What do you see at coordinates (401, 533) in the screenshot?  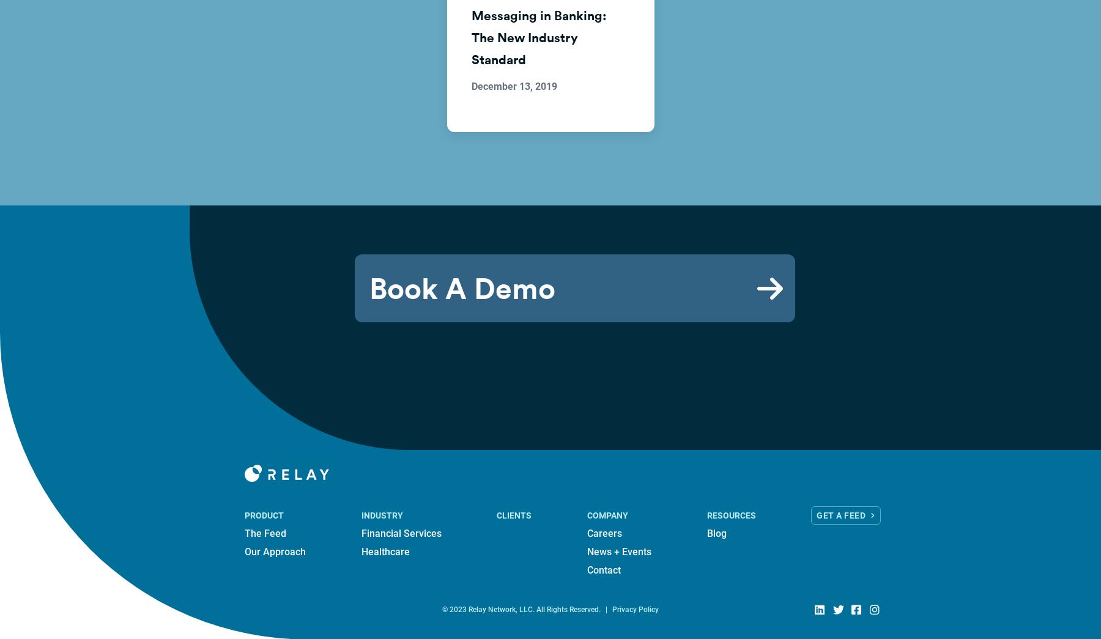 I see `'Financial Services'` at bounding box center [401, 533].